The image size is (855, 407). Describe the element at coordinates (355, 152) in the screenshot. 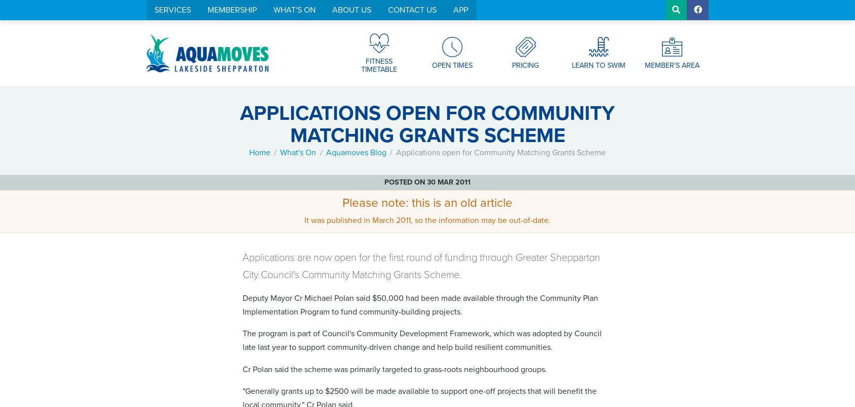

I see `'Aquamoves Blog'` at that location.